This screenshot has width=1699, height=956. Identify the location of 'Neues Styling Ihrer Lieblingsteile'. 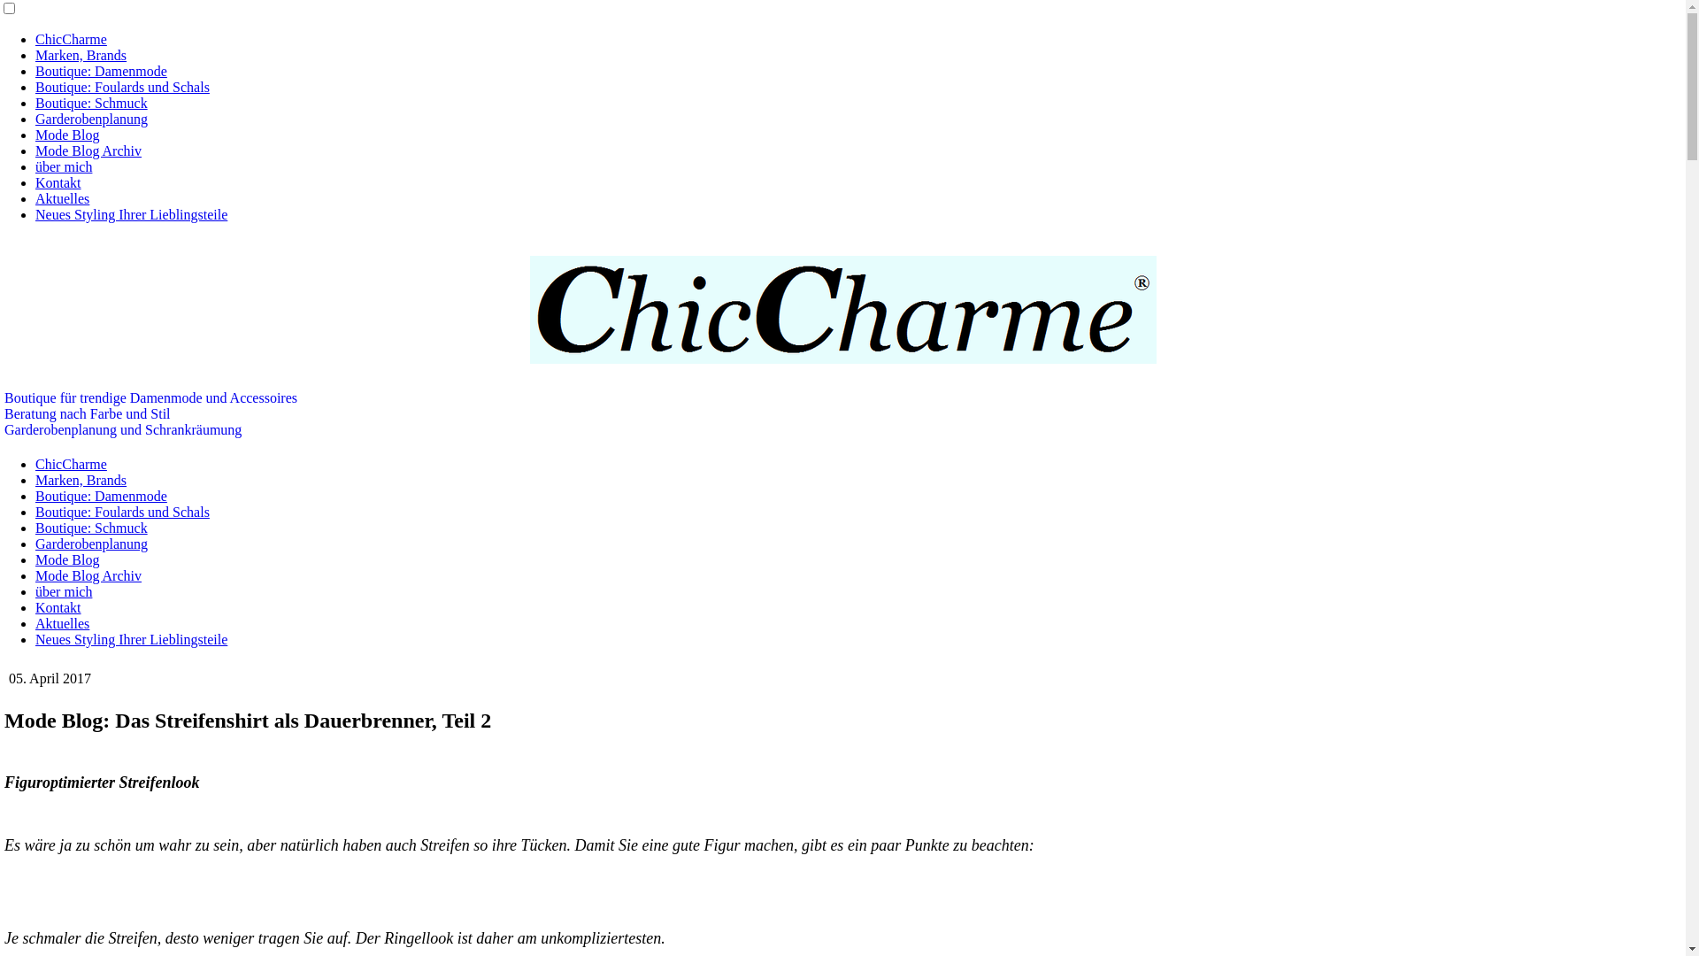
(130, 639).